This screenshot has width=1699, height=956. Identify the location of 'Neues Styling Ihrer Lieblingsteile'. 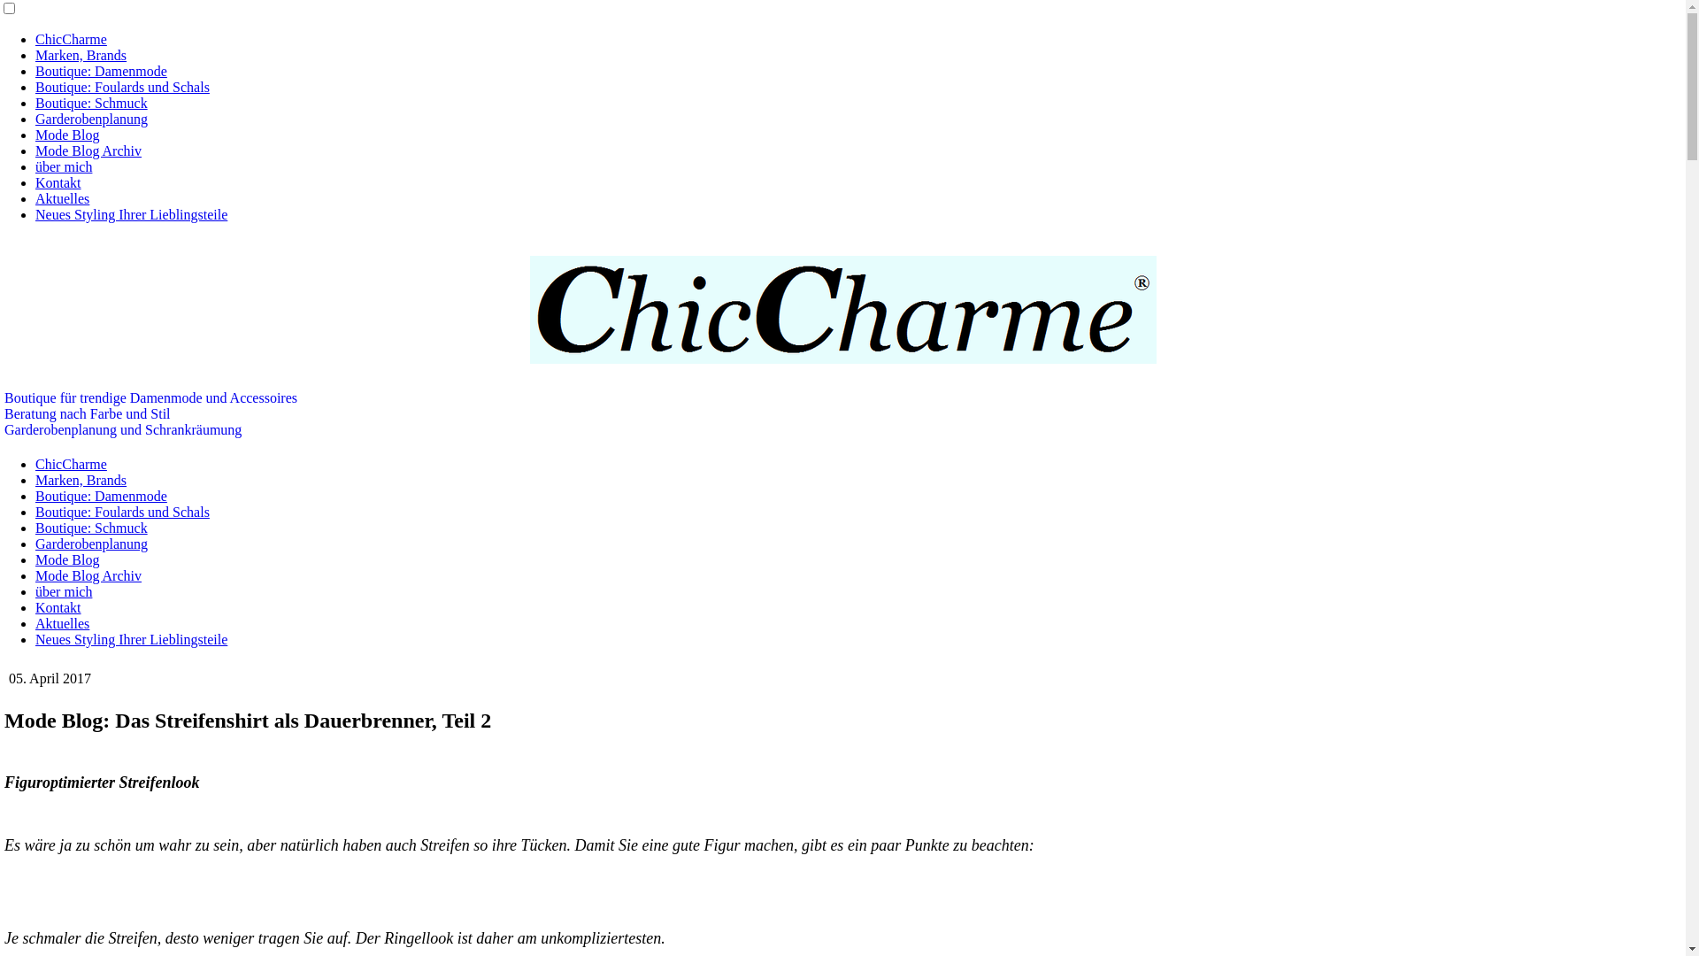
(130, 639).